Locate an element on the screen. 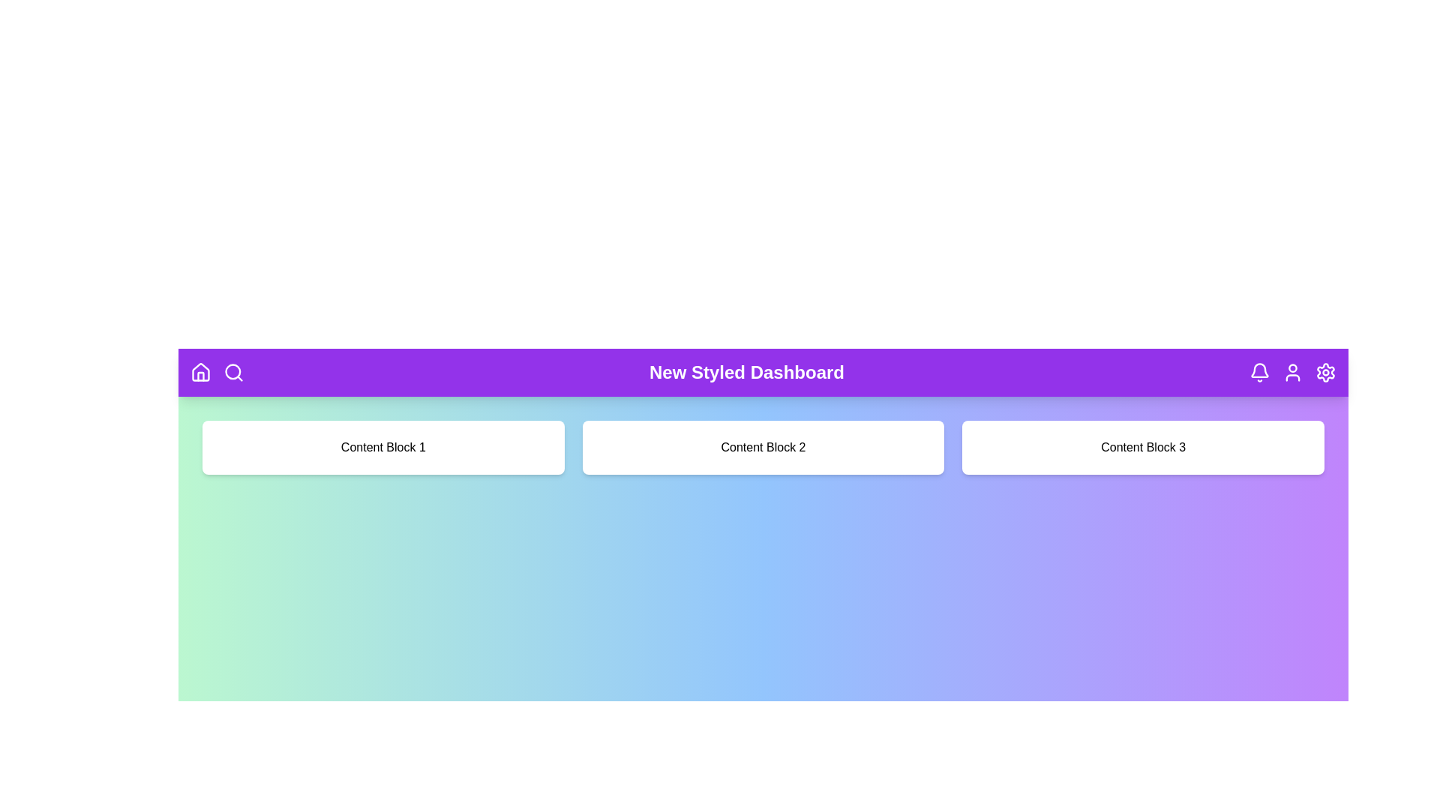 This screenshot has width=1440, height=810. the center of 'Content Block 2' to focus or interact with it is located at coordinates (763, 447).